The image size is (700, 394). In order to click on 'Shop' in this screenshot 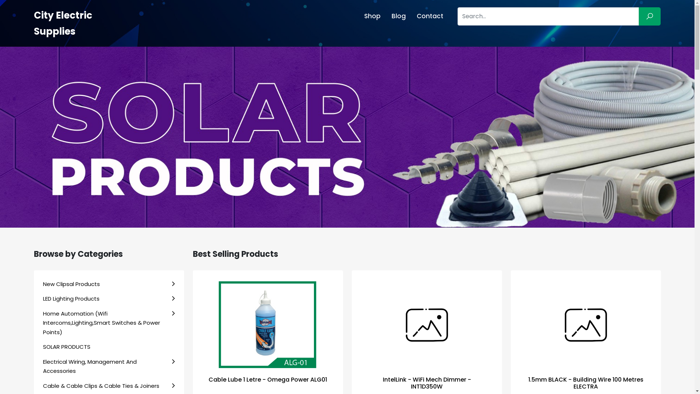, I will do `click(358, 16)`.